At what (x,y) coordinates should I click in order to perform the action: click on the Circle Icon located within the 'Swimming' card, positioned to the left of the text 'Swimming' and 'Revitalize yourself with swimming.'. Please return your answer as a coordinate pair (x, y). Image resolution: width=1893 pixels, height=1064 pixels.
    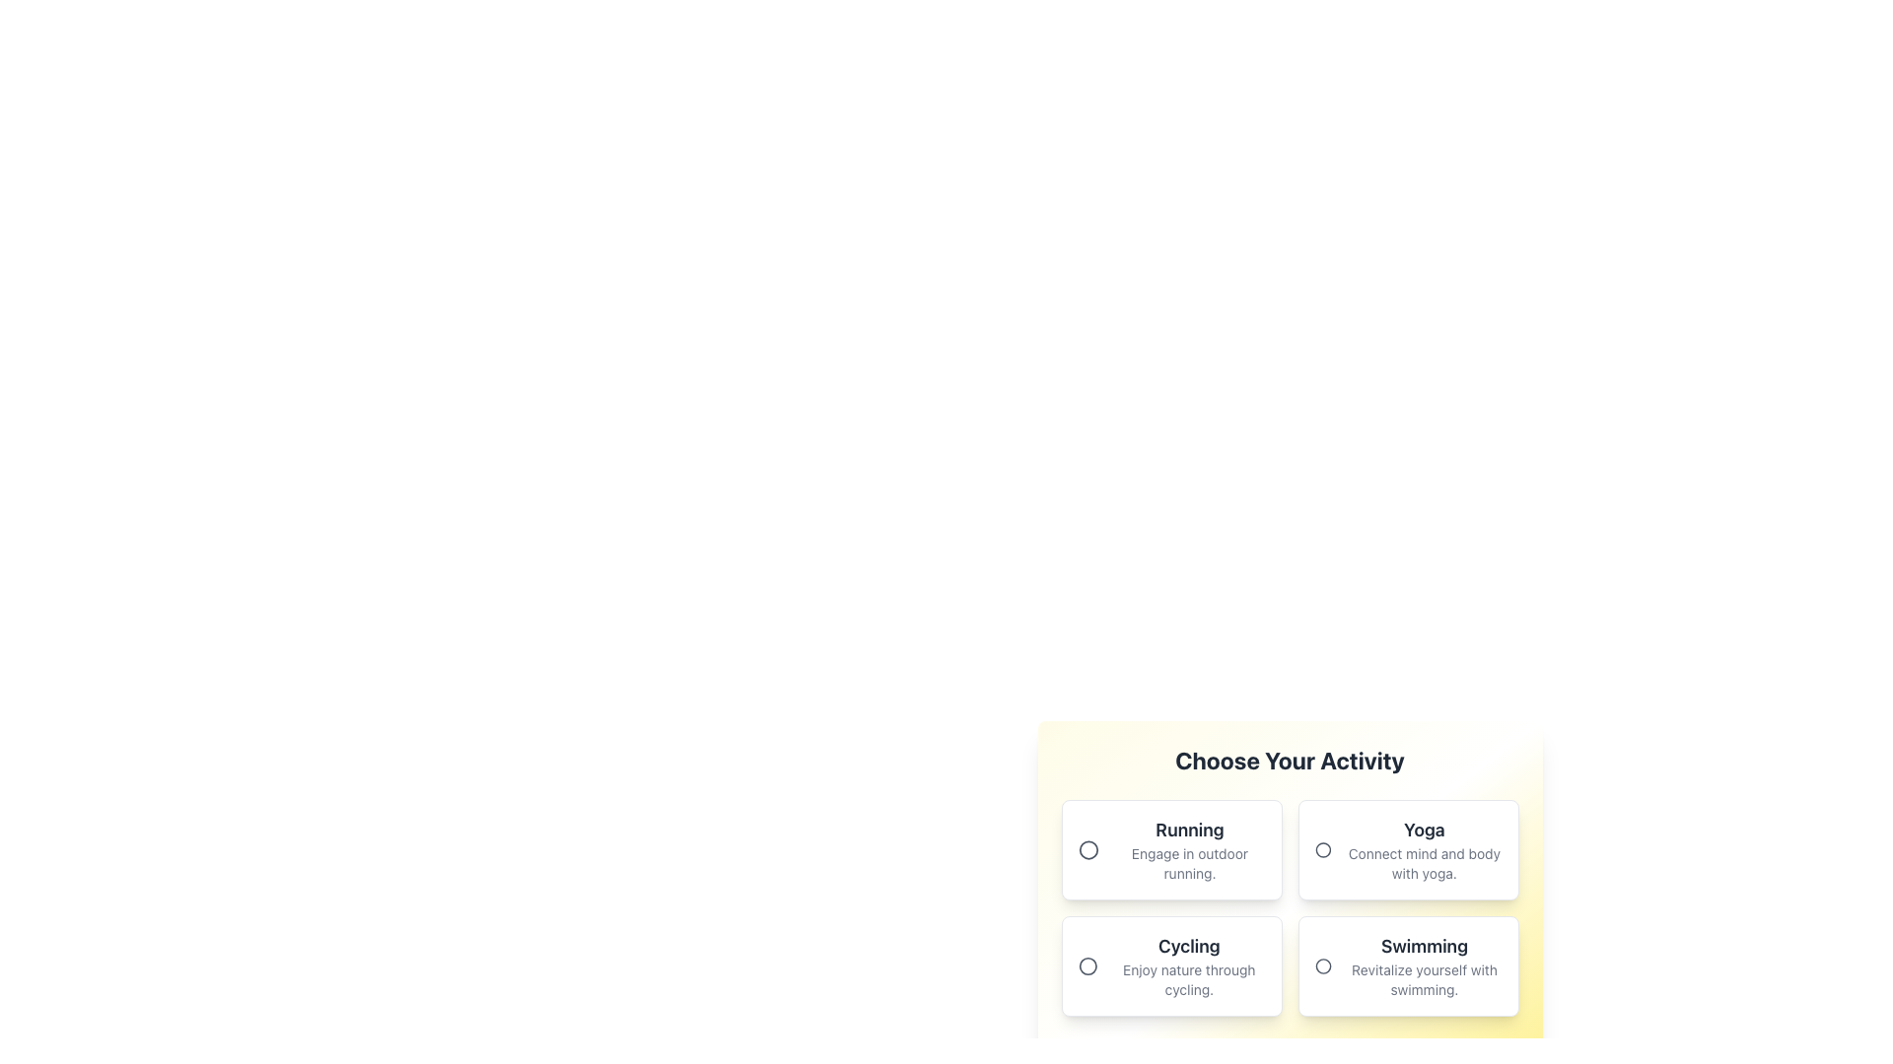
    Looking at the image, I should click on (1323, 964).